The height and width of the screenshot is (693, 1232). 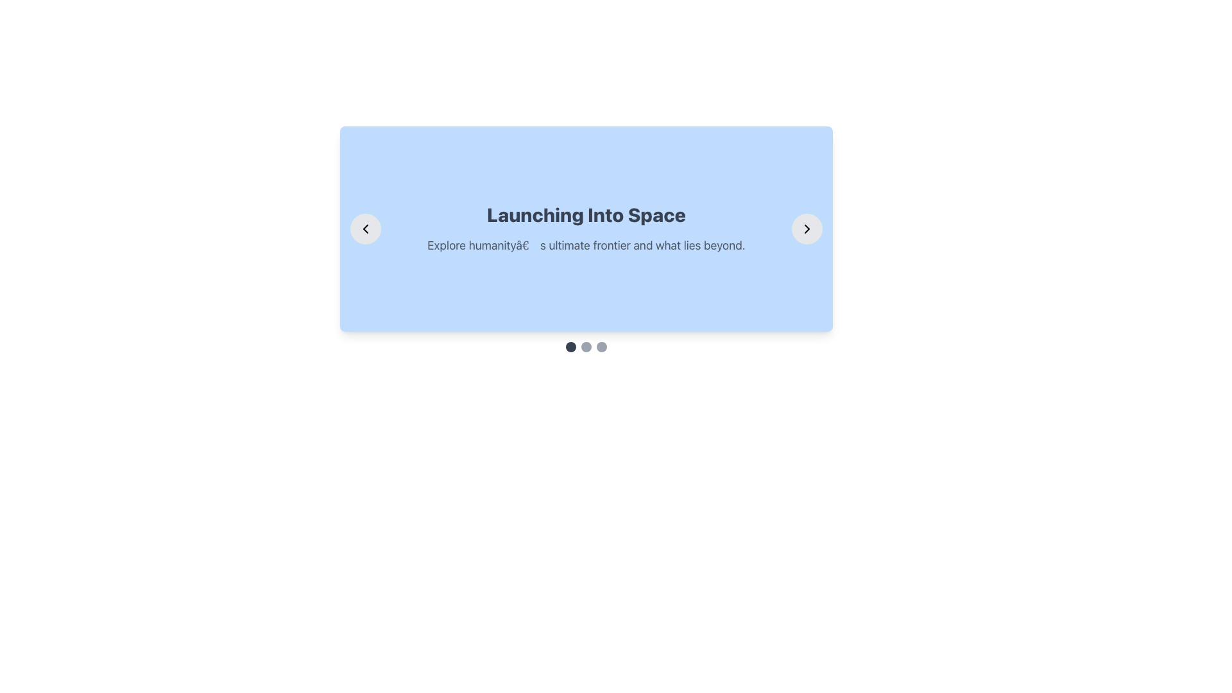 I want to click on the second circular indicator of the carousel located at the bottom of the primary content area, so click(x=585, y=346).